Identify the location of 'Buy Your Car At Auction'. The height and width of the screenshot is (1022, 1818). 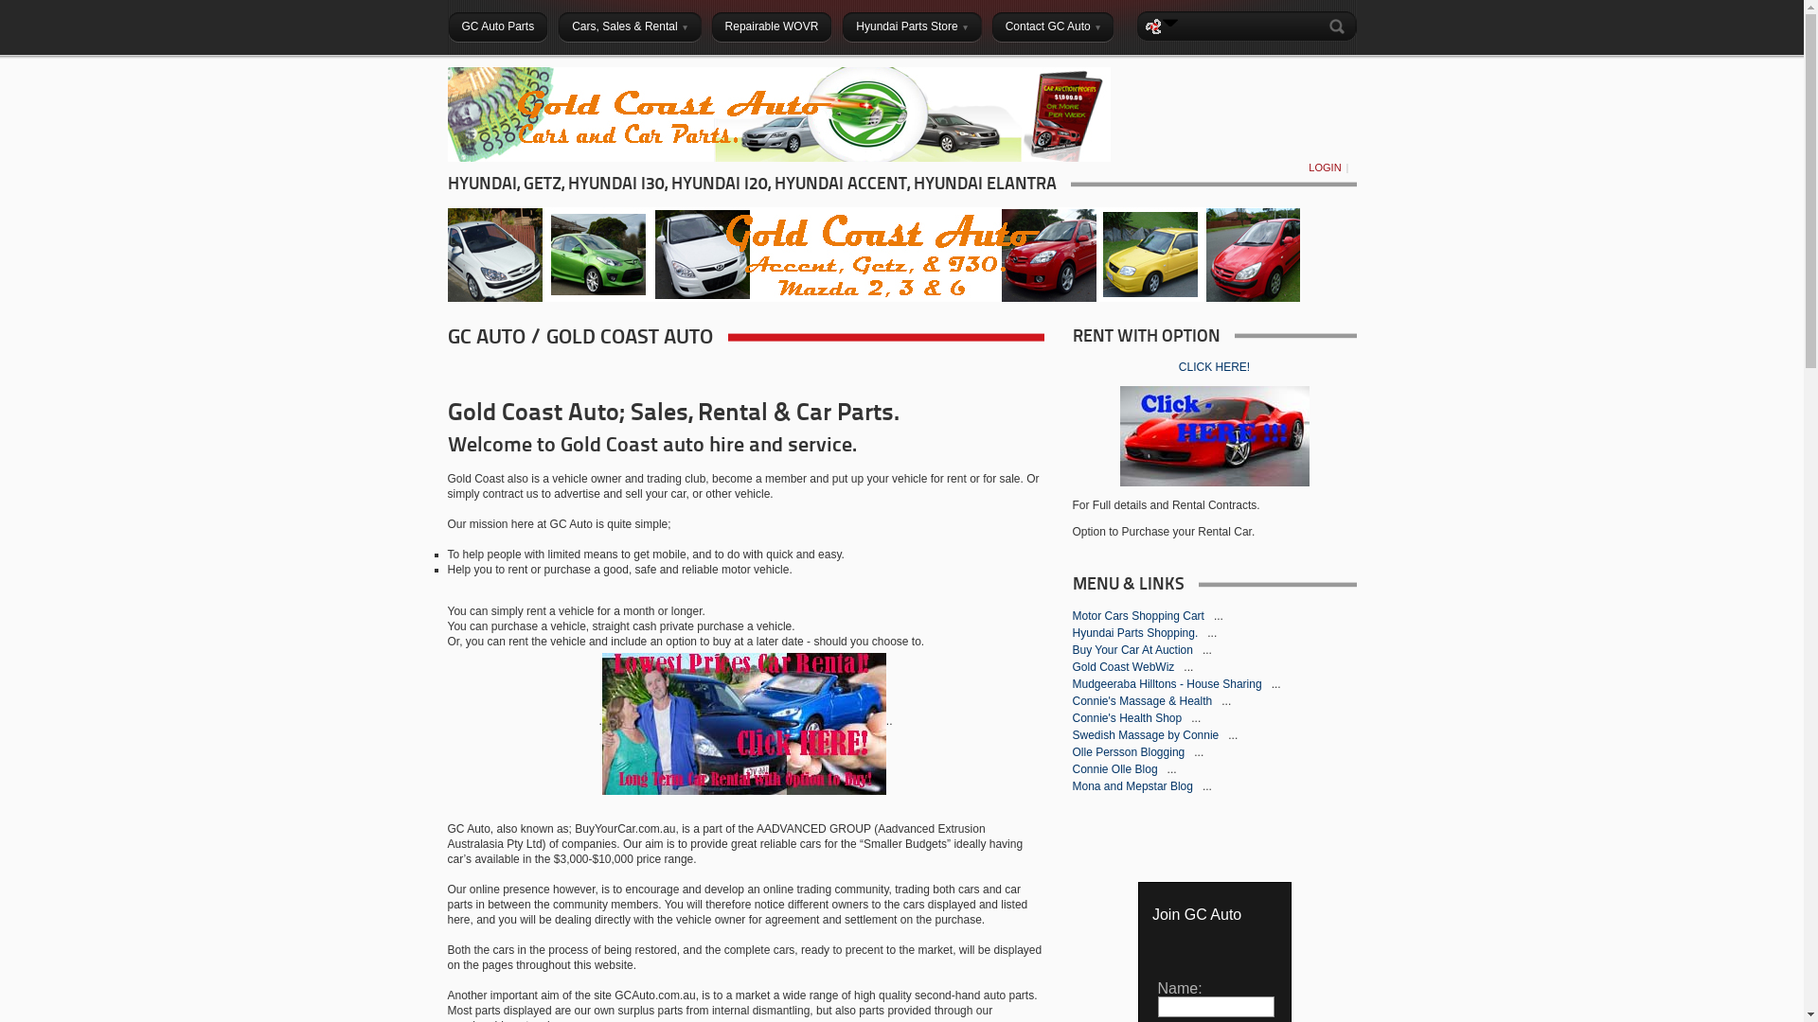
(1072, 648).